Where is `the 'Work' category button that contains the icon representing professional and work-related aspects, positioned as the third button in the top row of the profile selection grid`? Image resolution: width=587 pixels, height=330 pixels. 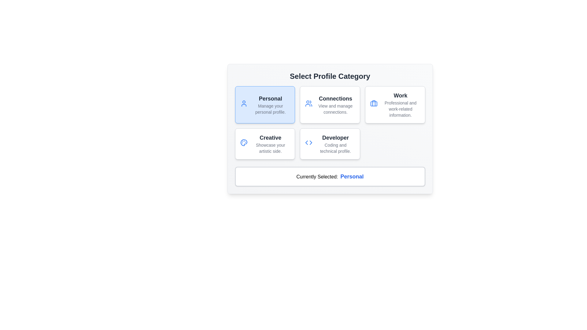
the 'Work' category button that contains the icon representing professional and work-related aspects, positioned as the third button in the top row of the profile selection grid is located at coordinates (373, 103).